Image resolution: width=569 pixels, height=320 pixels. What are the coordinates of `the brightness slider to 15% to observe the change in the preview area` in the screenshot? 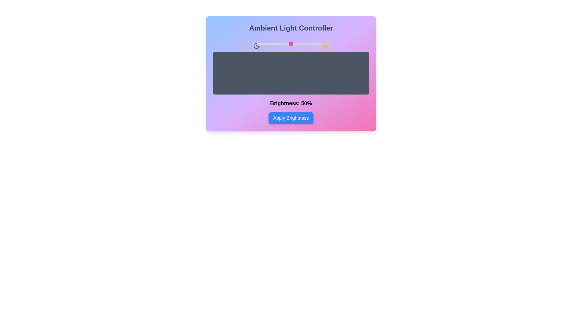 It's located at (264, 43).